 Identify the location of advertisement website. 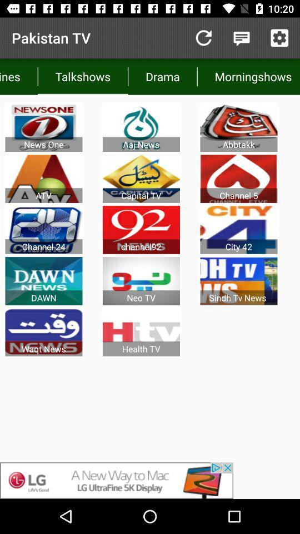
(150, 480).